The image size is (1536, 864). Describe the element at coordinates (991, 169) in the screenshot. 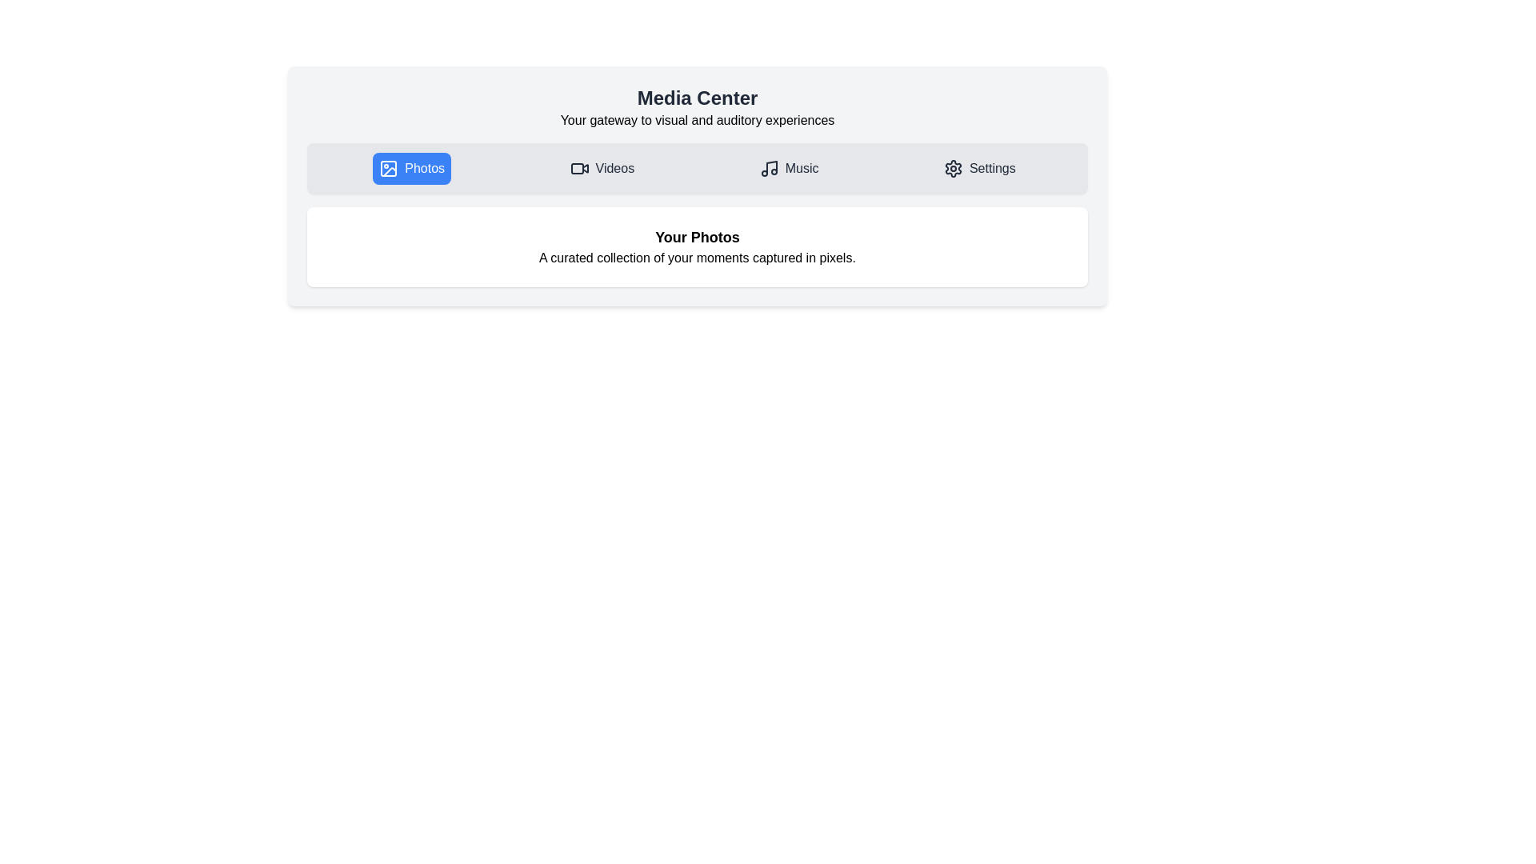

I see `the 'Settings' text label, which is positioned next to the gear icon in the top-right corner of the interface` at that location.